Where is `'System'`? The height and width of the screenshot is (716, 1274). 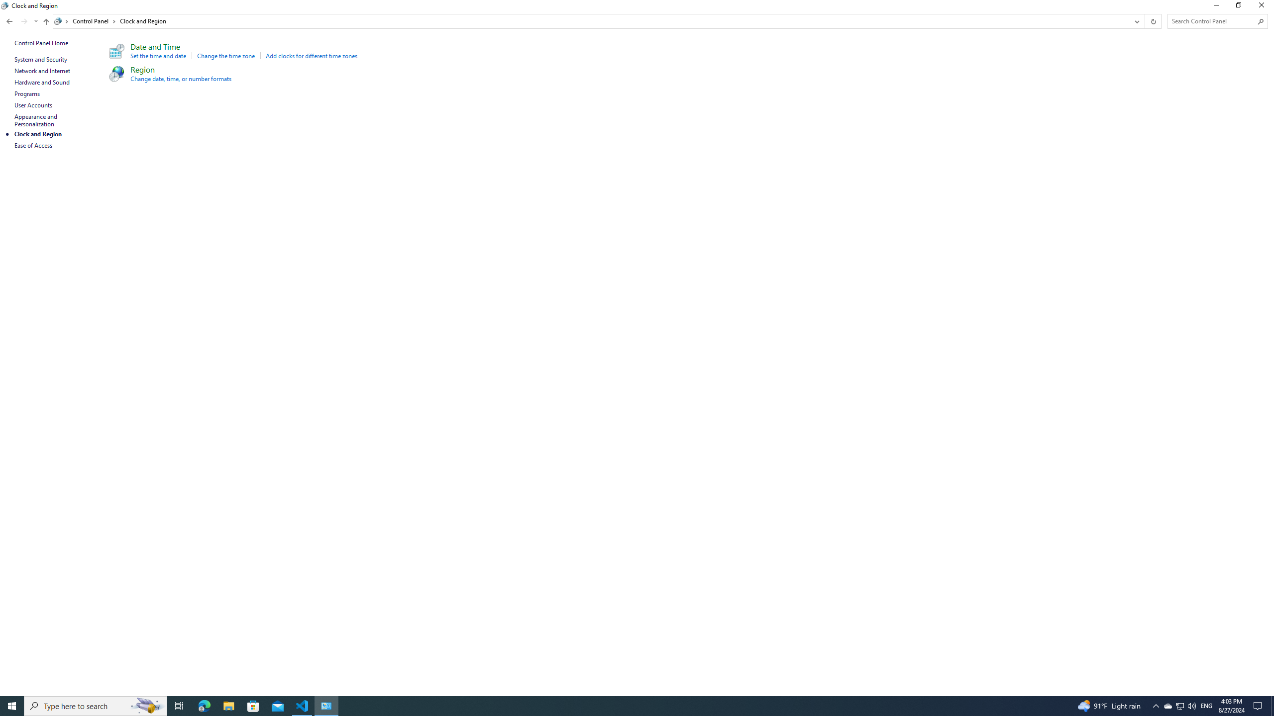 'System' is located at coordinates (5, 4).